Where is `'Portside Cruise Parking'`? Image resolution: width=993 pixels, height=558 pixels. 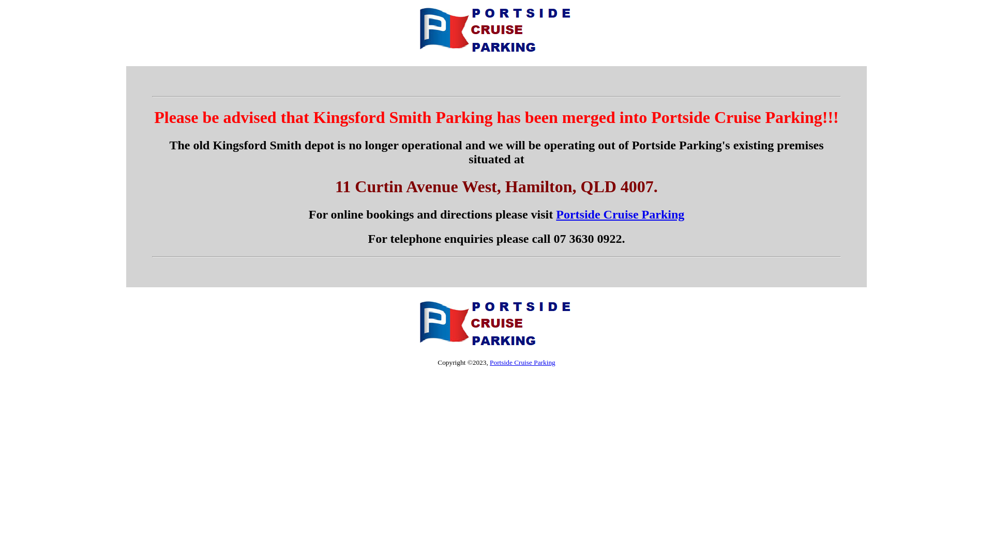
'Portside Cruise Parking' is located at coordinates (620, 214).